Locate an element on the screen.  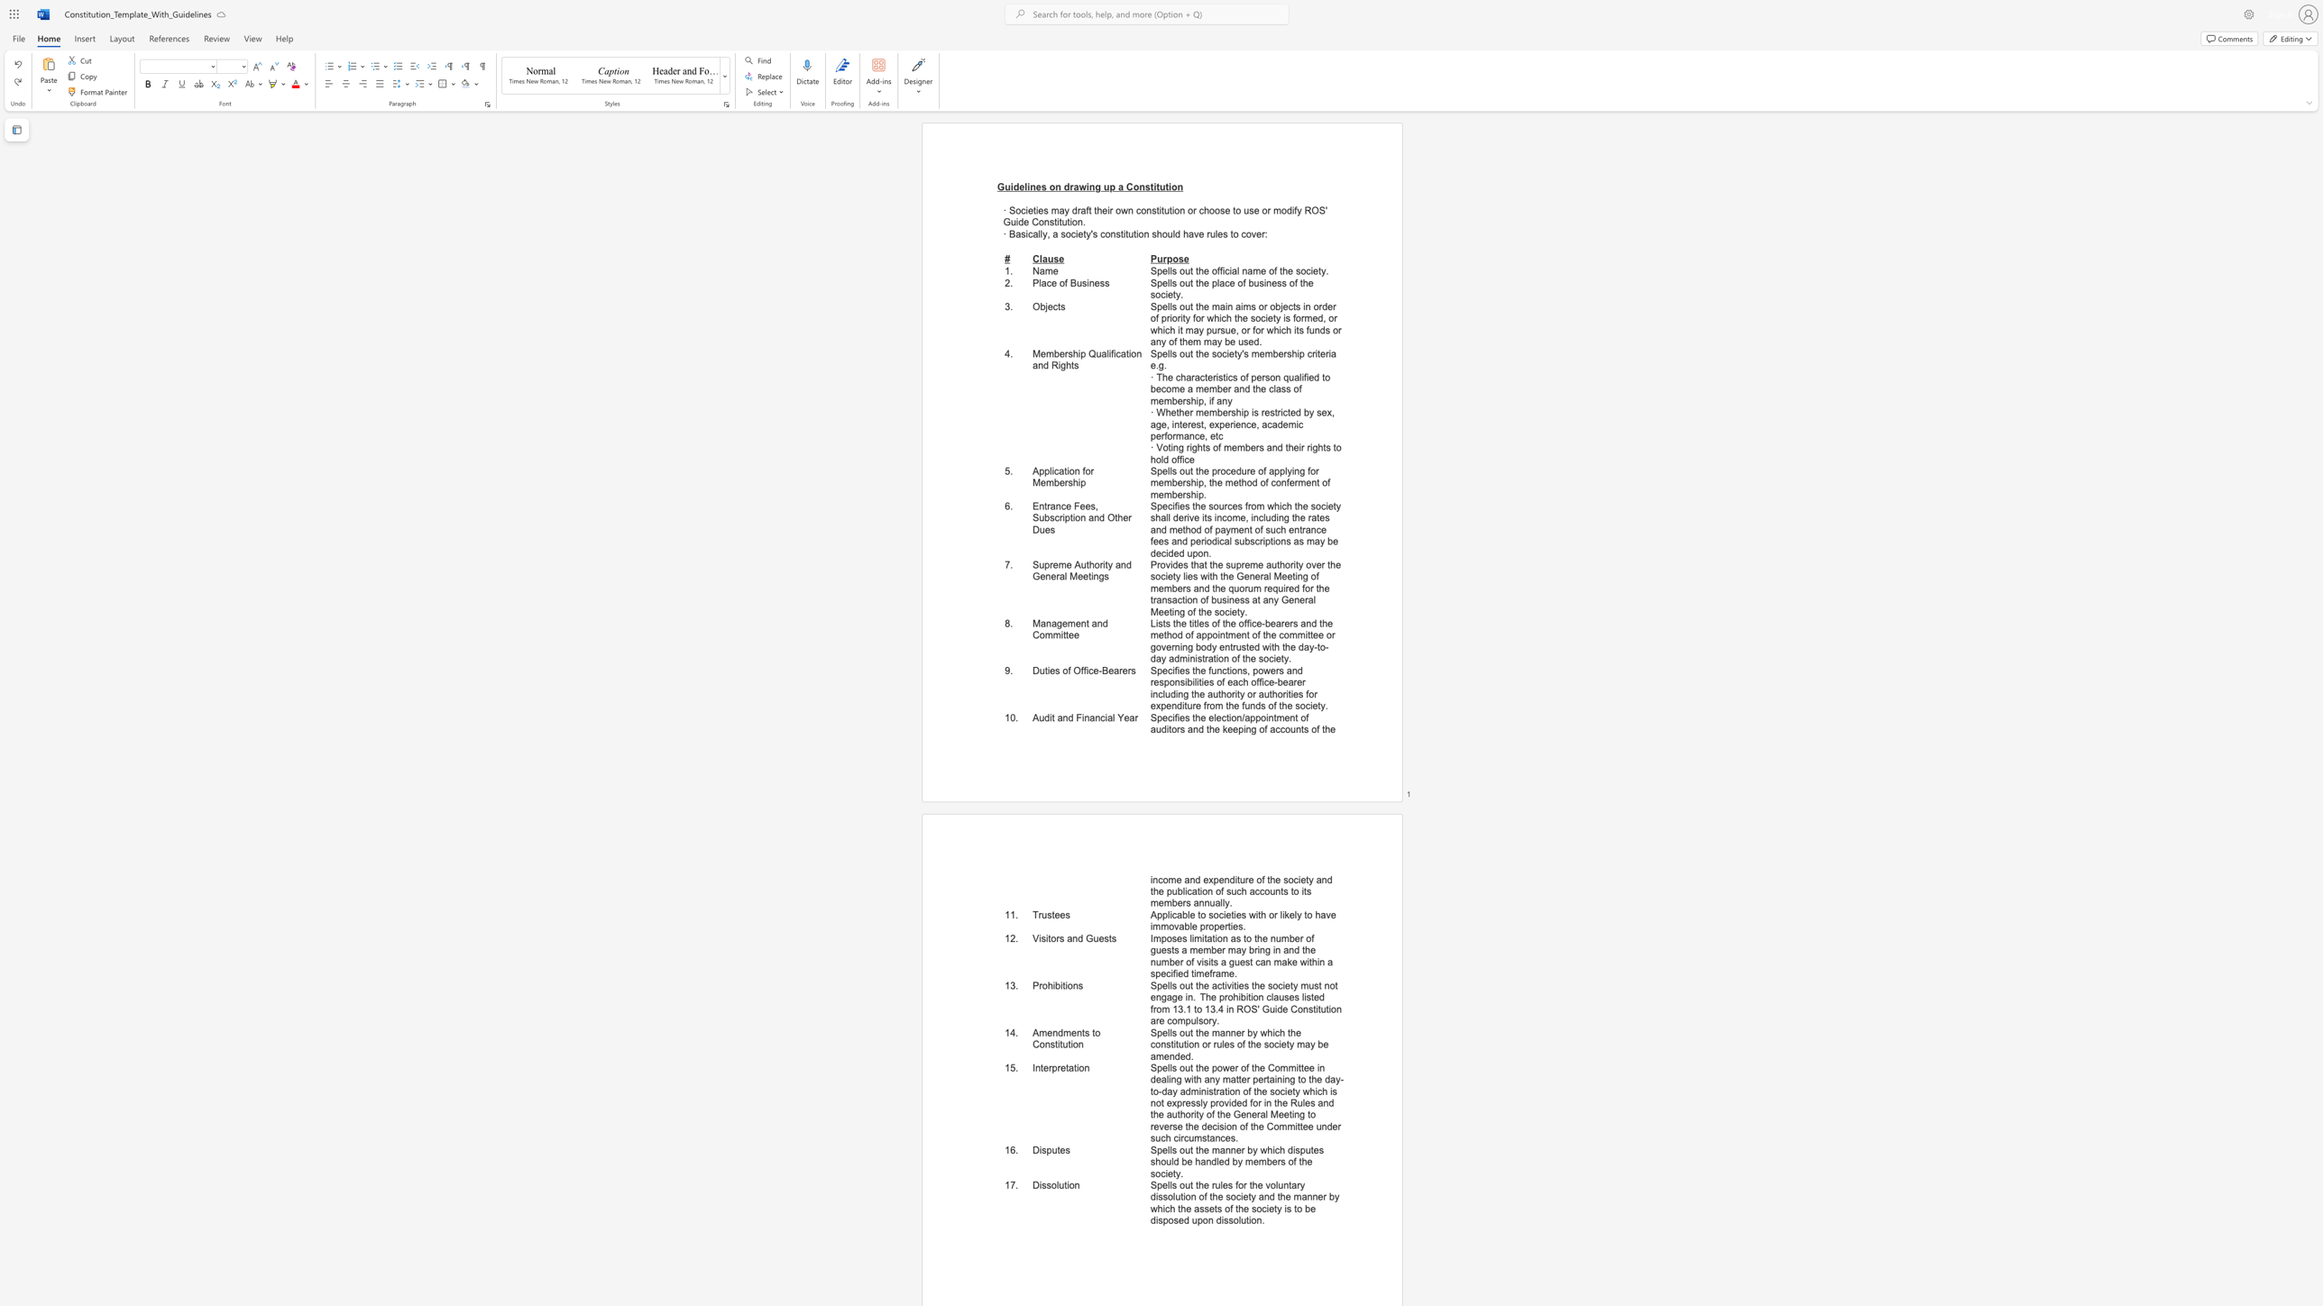
the subset text "nce, e" within the text "· Whether membership is restricted by sex, age, interest, experience, academic performance, etc" is located at coordinates (1189, 436).